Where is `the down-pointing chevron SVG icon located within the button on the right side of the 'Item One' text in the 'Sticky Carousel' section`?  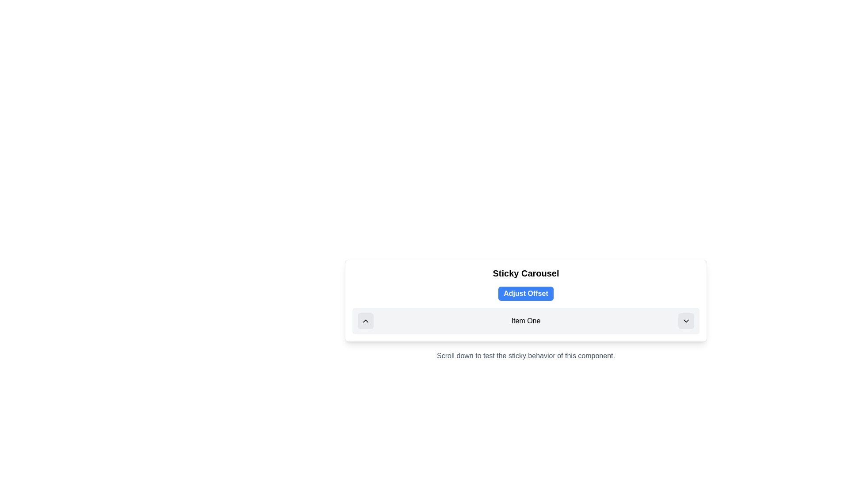
the down-pointing chevron SVG icon located within the button on the right side of the 'Item One' text in the 'Sticky Carousel' section is located at coordinates (685, 321).